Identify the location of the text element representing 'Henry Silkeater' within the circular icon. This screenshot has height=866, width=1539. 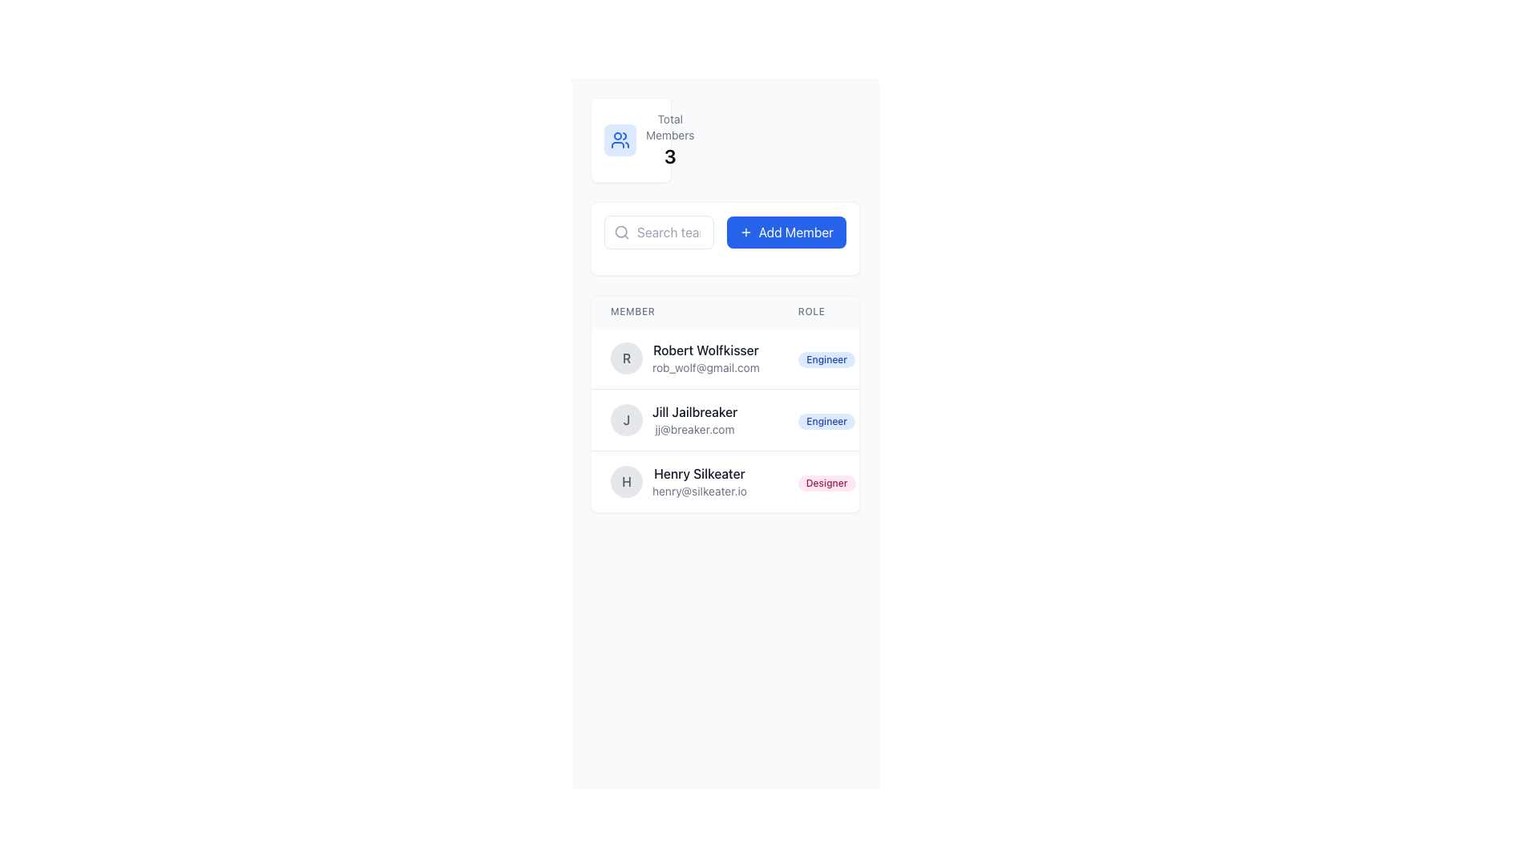
(626, 481).